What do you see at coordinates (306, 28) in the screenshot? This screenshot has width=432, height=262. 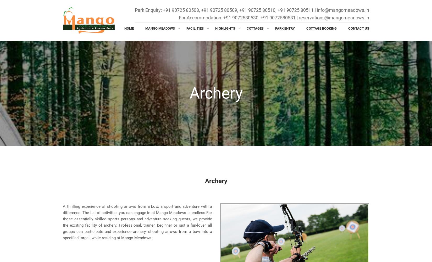 I see `'Cottage Booking'` at bounding box center [306, 28].